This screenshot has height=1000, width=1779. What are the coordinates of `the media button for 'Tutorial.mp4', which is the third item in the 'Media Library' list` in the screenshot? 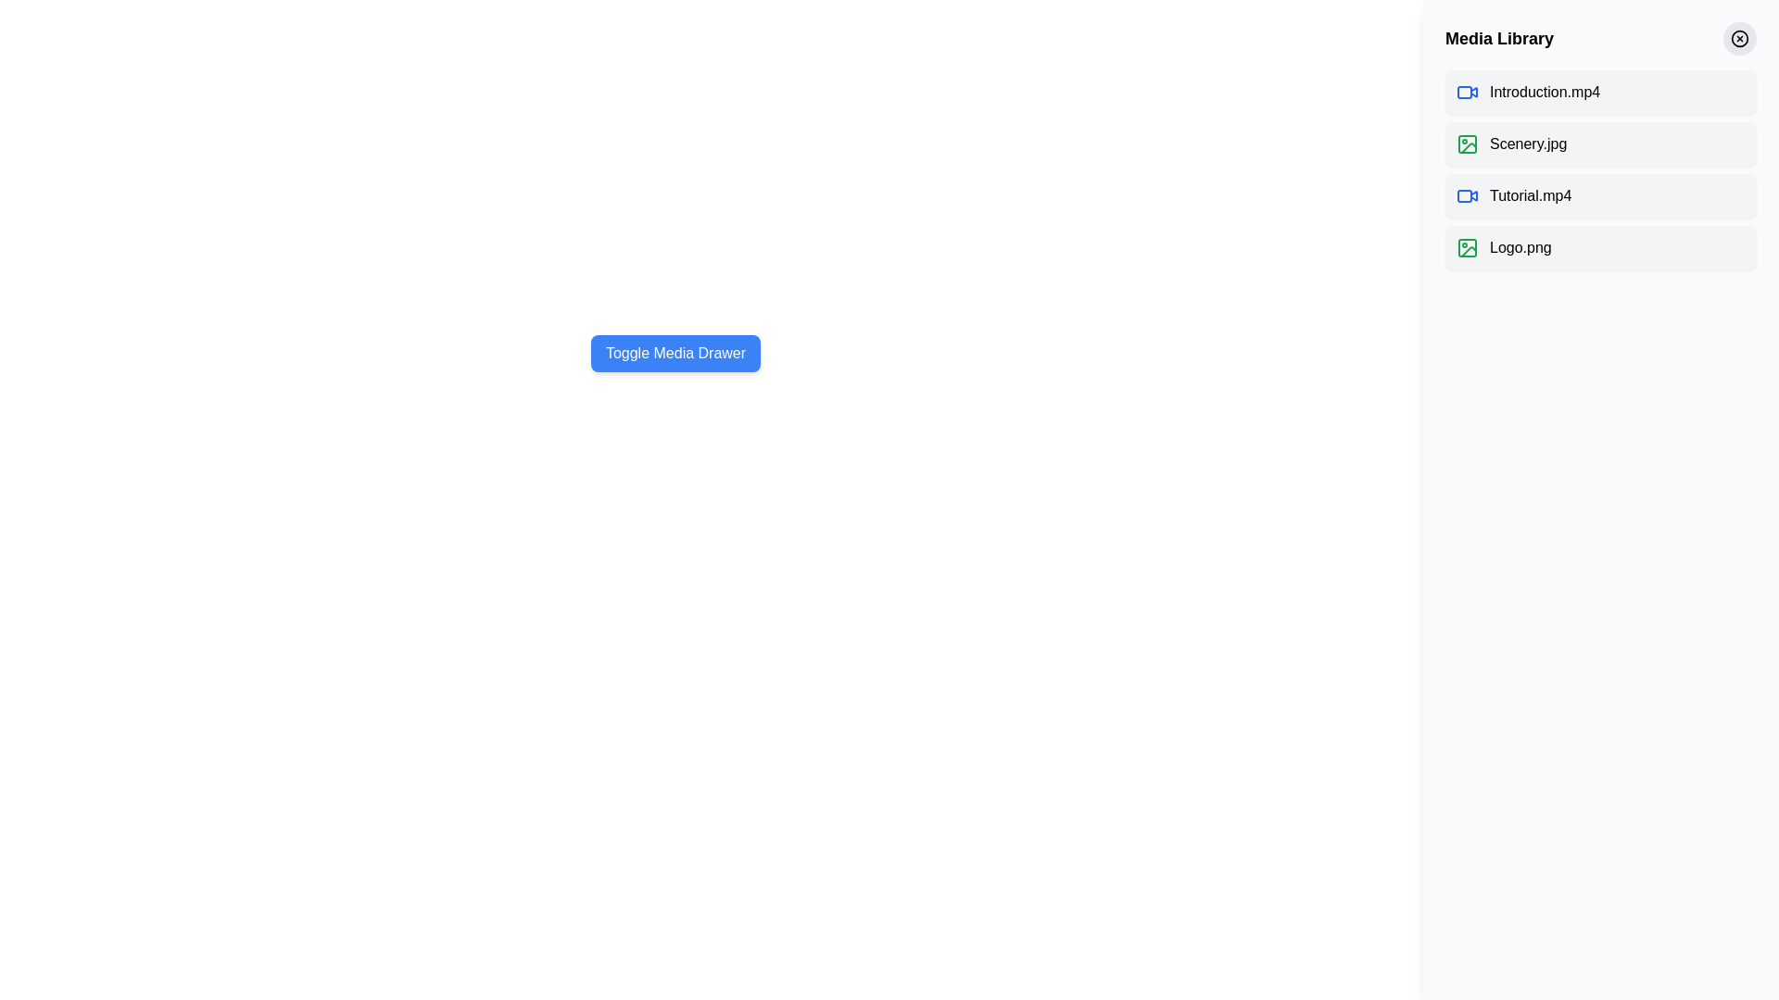 It's located at (1600, 196).